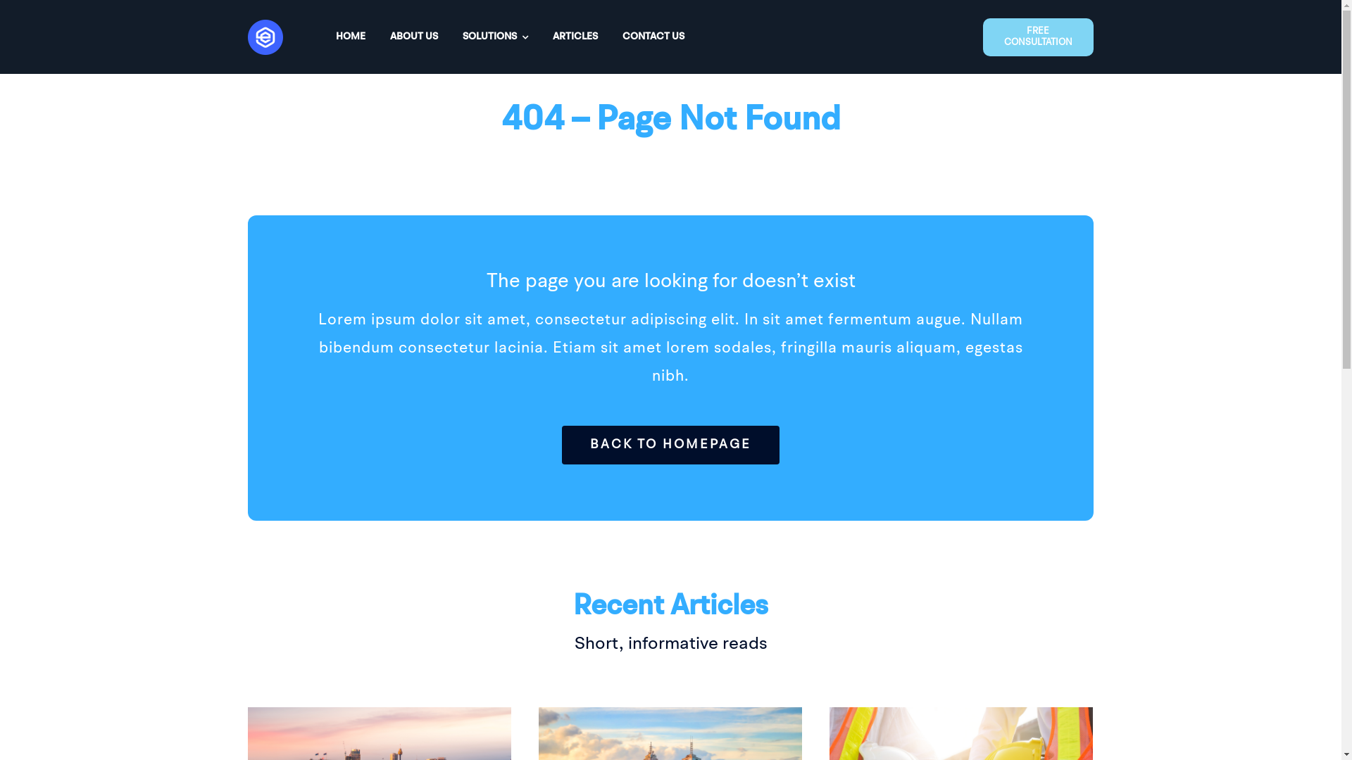  Describe the element at coordinates (495, 36) in the screenshot. I see `'SOLUTIONS'` at that location.